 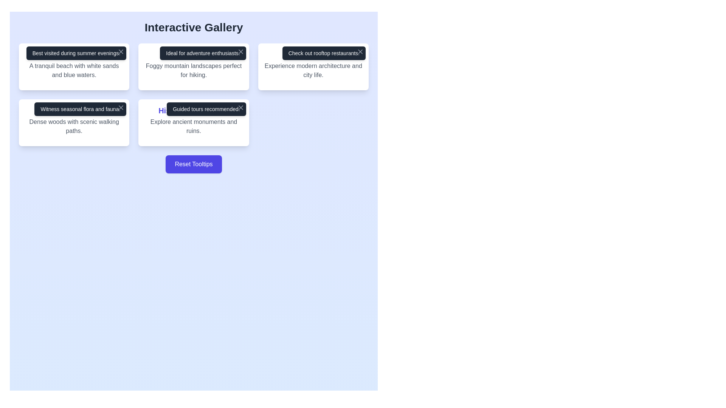 What do you see at coordinates (194, 27) in the screenshot?
I see `the 'Interactive Gallery' heading, which is a bold, large text element at the top of the interface with a dark-grey color on a gradient background` at bounding box center [194, 27].